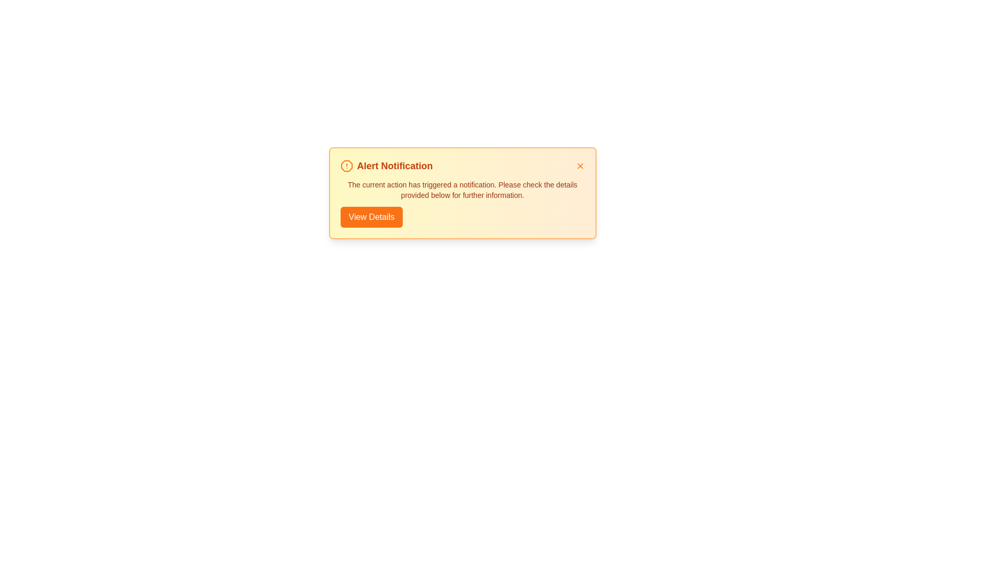  Describe the element at coordinates (371, 217) in the screenshot. I see `the 'View Details' button to view additional details` at that location.